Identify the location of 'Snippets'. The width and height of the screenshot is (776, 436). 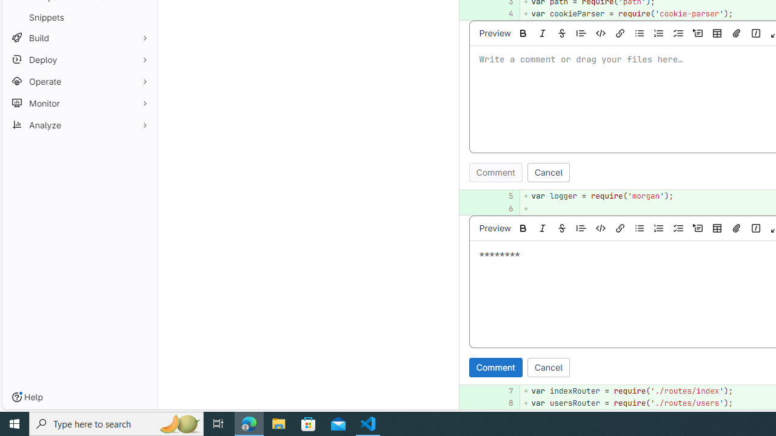
(79, 17).